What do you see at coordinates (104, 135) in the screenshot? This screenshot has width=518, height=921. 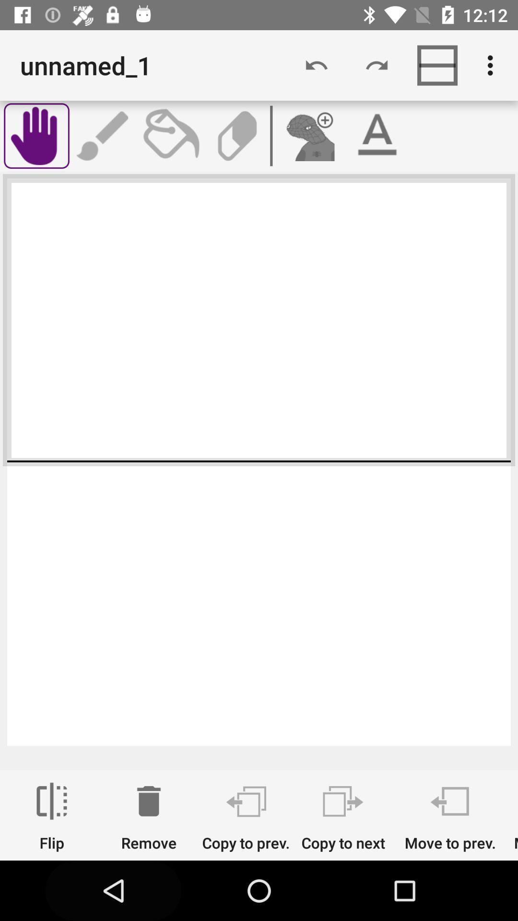 I see `paintbrush` at bounding box center [104, 135].